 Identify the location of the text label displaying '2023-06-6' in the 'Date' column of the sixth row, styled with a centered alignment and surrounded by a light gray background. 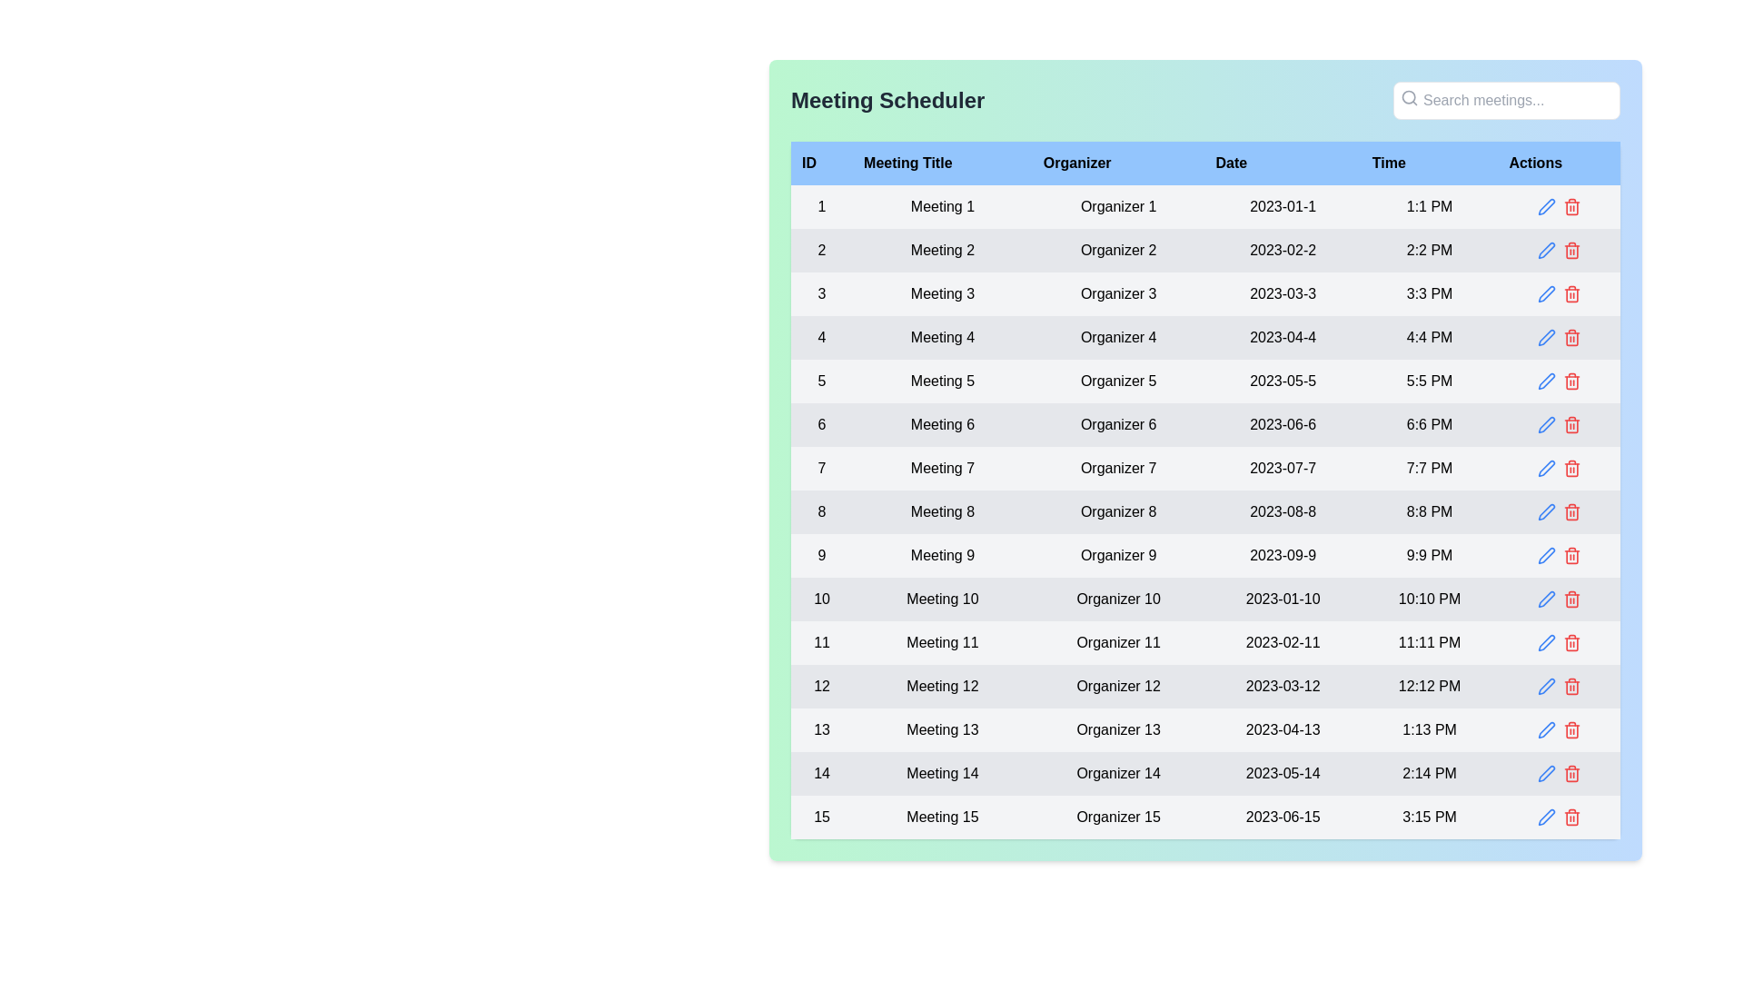
(1282, 424).